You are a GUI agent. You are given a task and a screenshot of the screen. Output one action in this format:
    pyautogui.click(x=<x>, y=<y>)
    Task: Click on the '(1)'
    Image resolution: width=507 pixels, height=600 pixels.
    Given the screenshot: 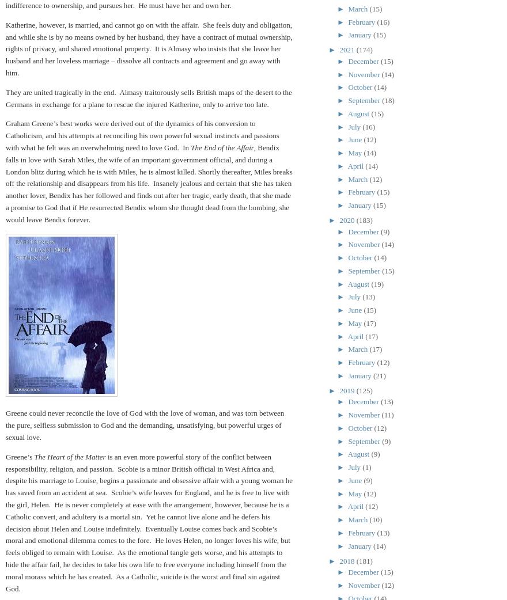 What is the action you would take?
    pyautogui.click(x=366, y=467)
    